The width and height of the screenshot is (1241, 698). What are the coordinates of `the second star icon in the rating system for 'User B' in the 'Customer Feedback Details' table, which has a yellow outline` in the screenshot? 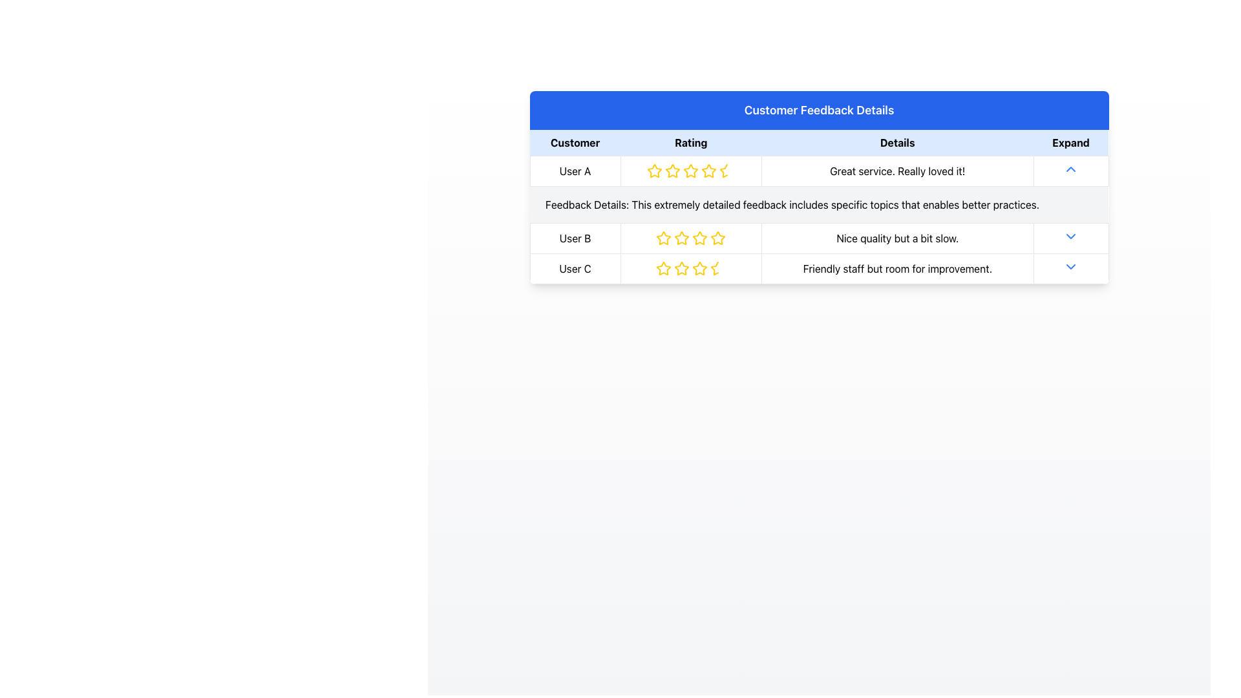 It's located at (681, 238).